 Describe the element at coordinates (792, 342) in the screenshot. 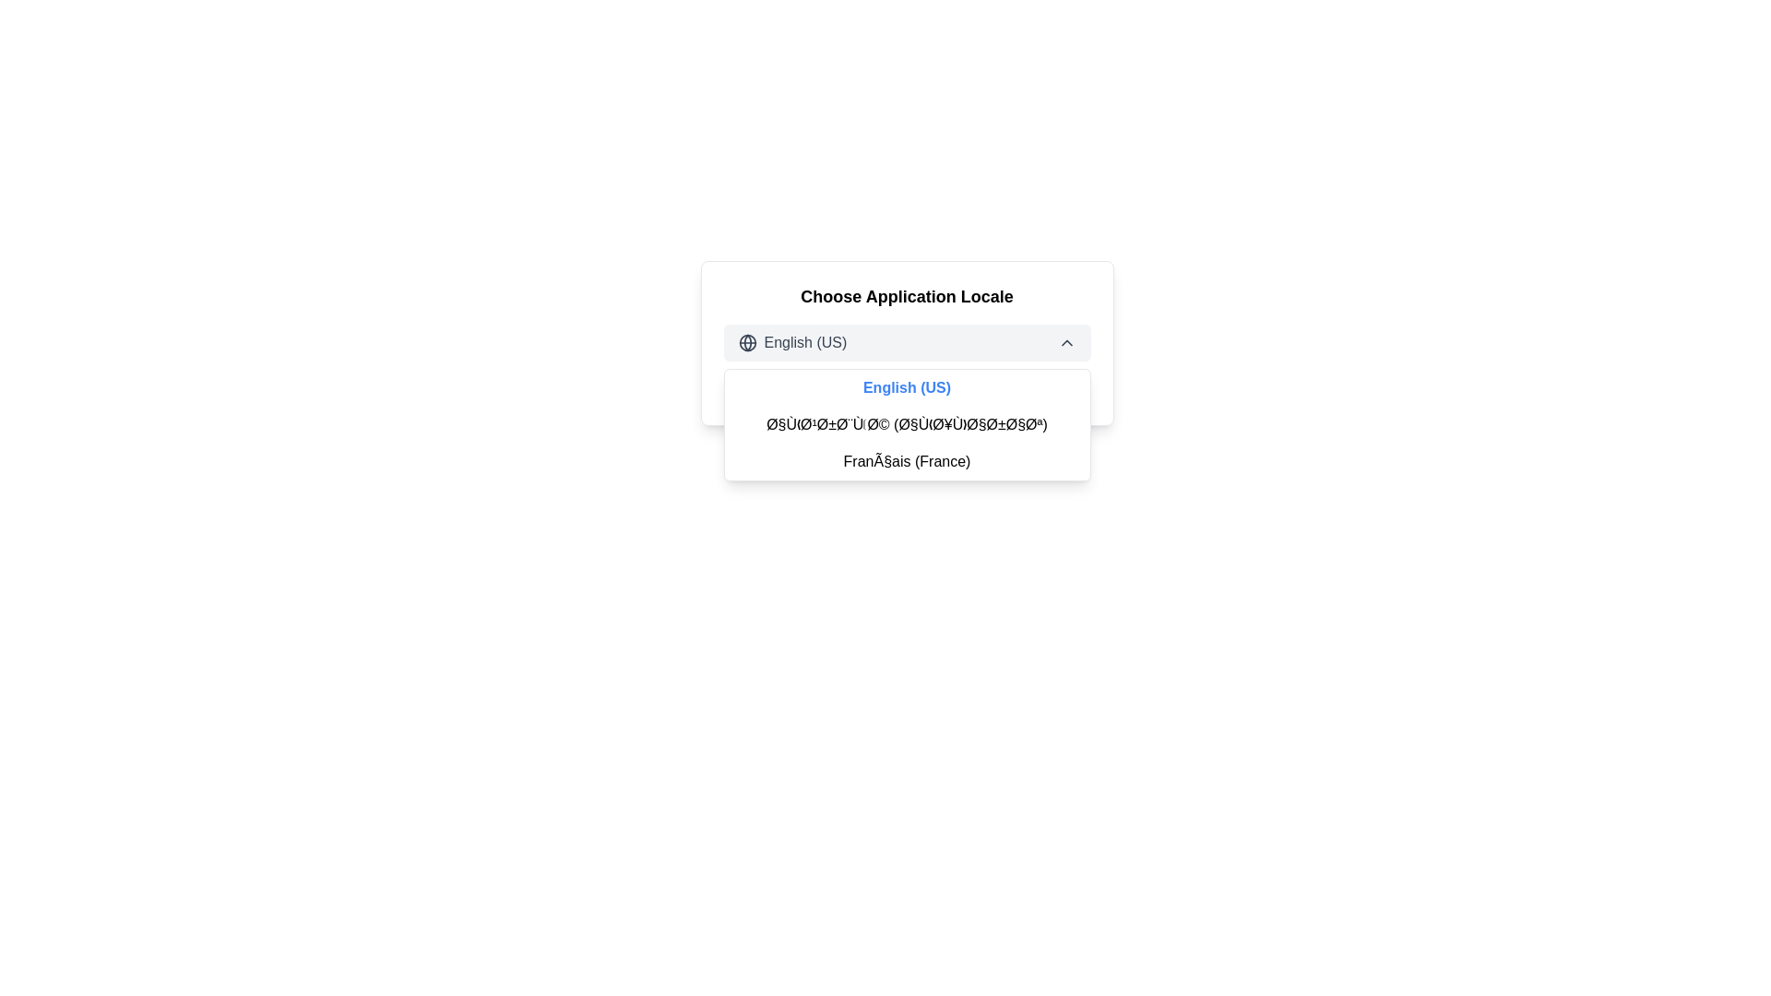

I see `the first dropdown item labeled 'English (US)' with a globe icon, located under the title 'Choose Application Locale'` at that location.